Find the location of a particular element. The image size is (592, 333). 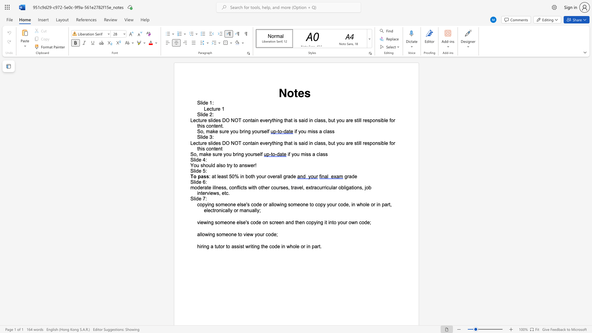

the subset text "e for this con" within the text "everything that is said in class, but you are still responsible for this content" is located at coordinates (385, 143).